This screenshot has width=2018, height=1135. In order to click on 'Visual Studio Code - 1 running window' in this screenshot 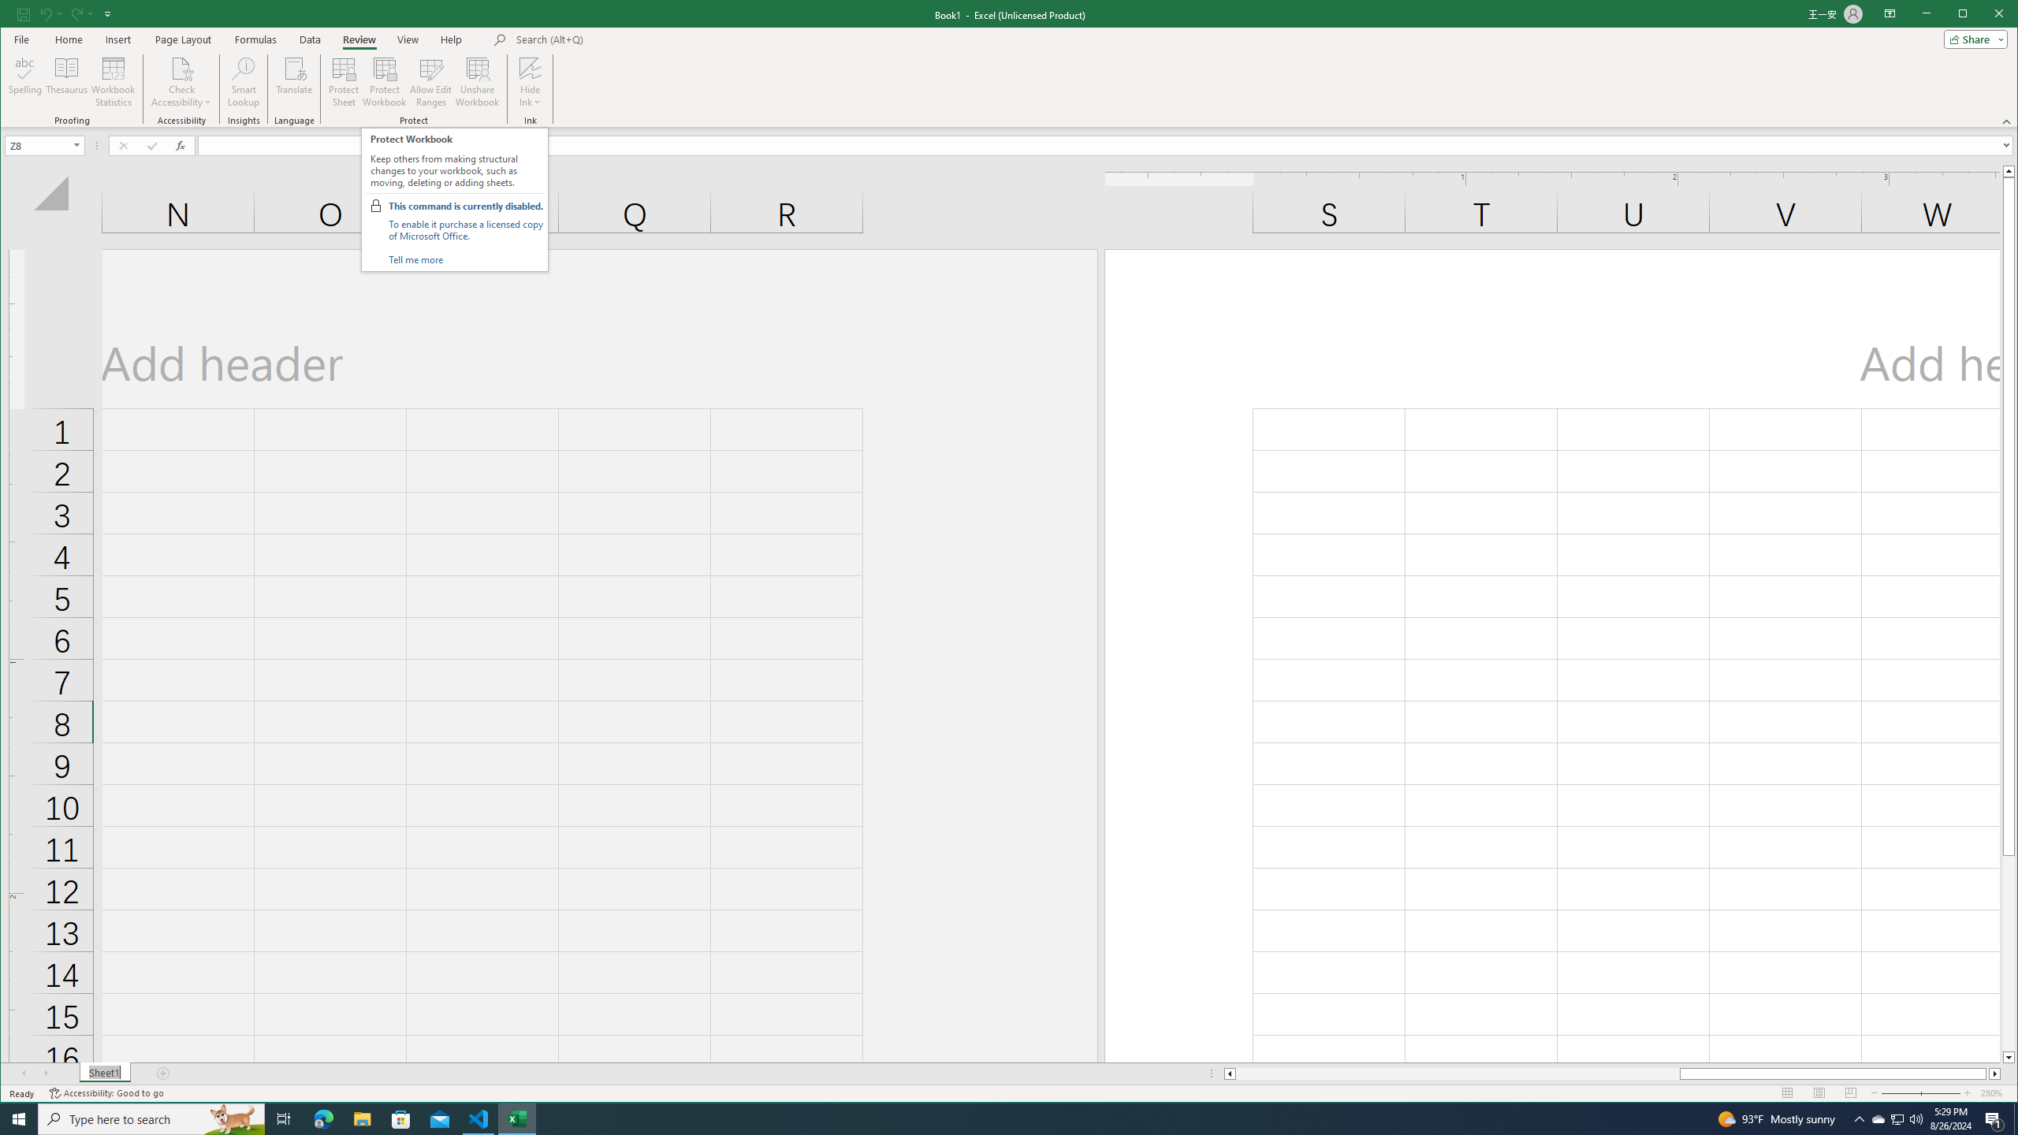, I will do `click(478, 1118)`.